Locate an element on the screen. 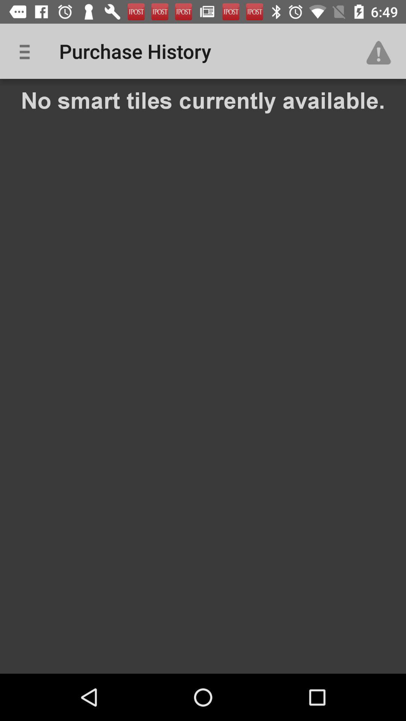 The image size is (406, 721). item above the no smart tiles is located at coordinates (382, 51).